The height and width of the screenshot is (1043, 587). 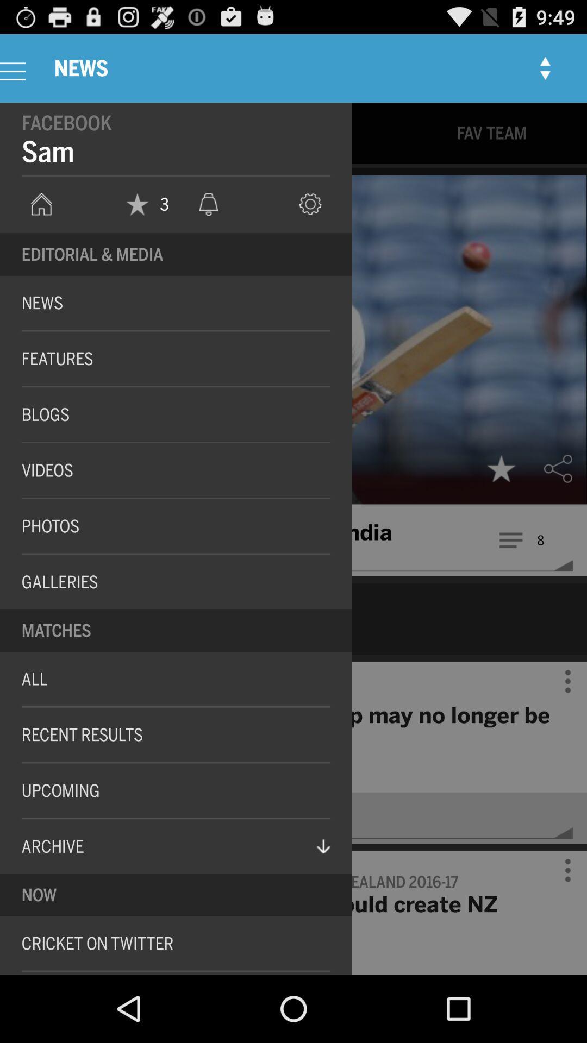 I want to click on the home icon, so click(x=41, y=218).